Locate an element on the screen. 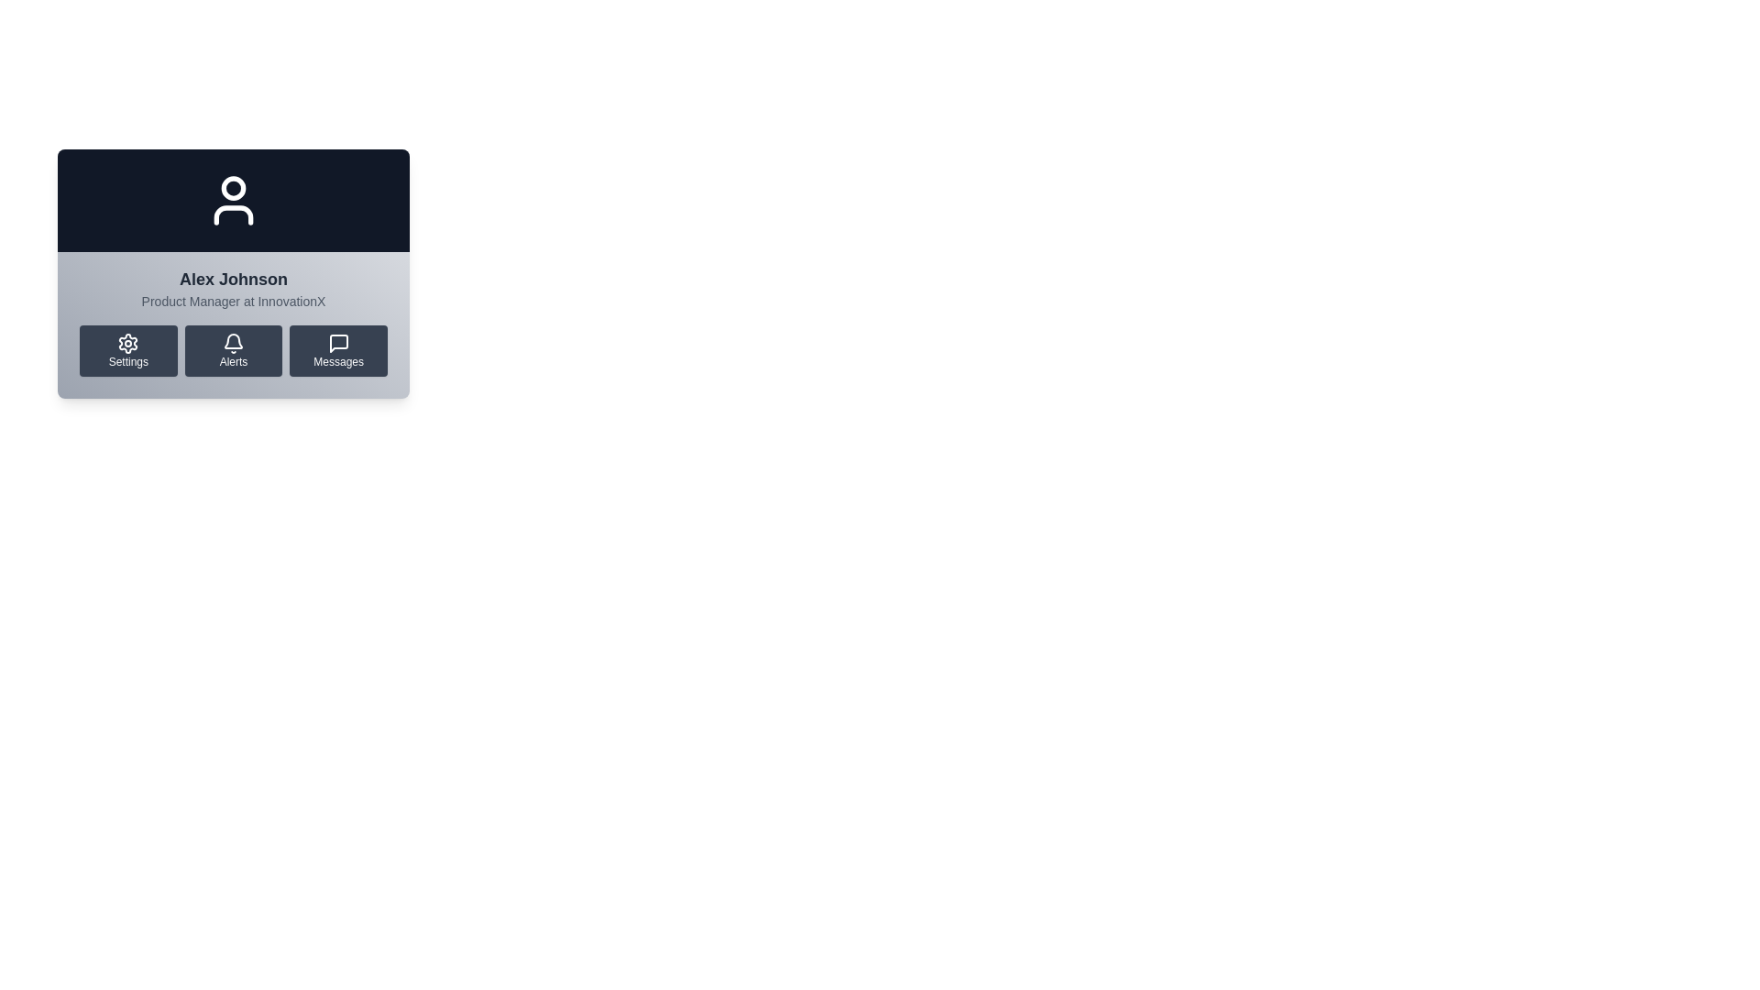 This screenshot has width=1760, height=990. the bell icon within the 'Alerts' button is located at coordinates (232, 341).